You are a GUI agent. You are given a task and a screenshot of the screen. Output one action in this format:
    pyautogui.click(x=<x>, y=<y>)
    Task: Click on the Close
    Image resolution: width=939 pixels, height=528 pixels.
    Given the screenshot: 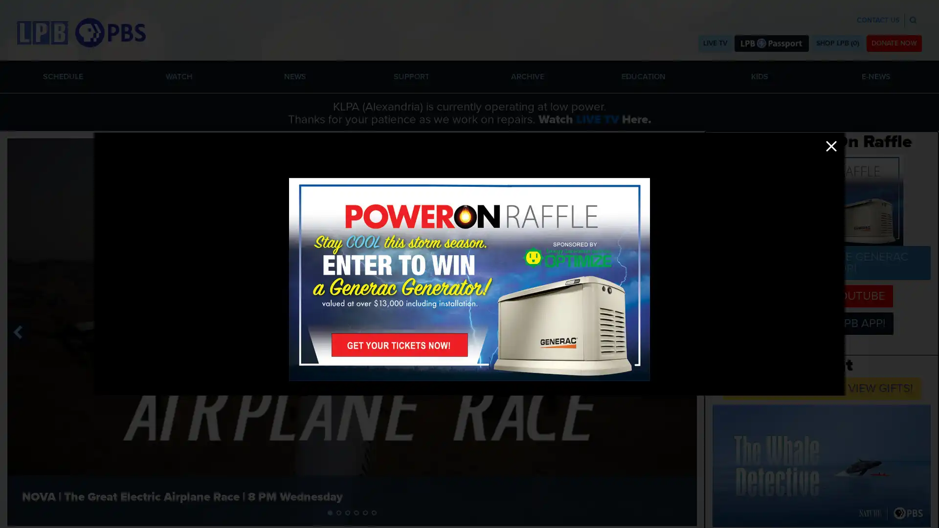 What is the action you would take?
    pyautogui.click(x=830, y=146)
    